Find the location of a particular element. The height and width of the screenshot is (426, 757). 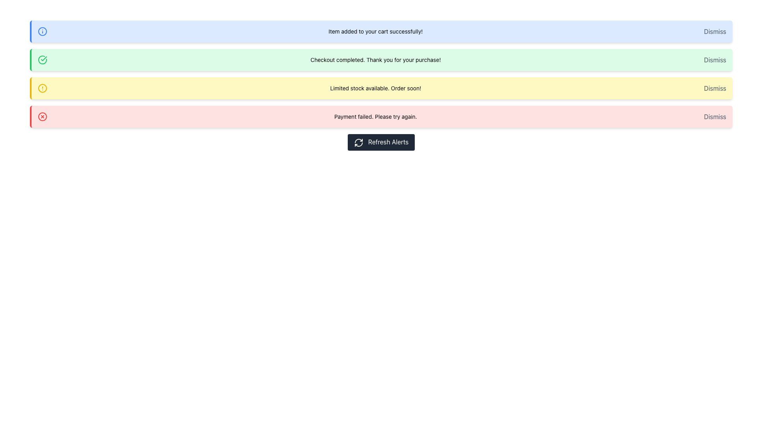

the refresh button located centrally at the bottom of the alert messages layout to refresh alerts is located at coordinates (381, 141).